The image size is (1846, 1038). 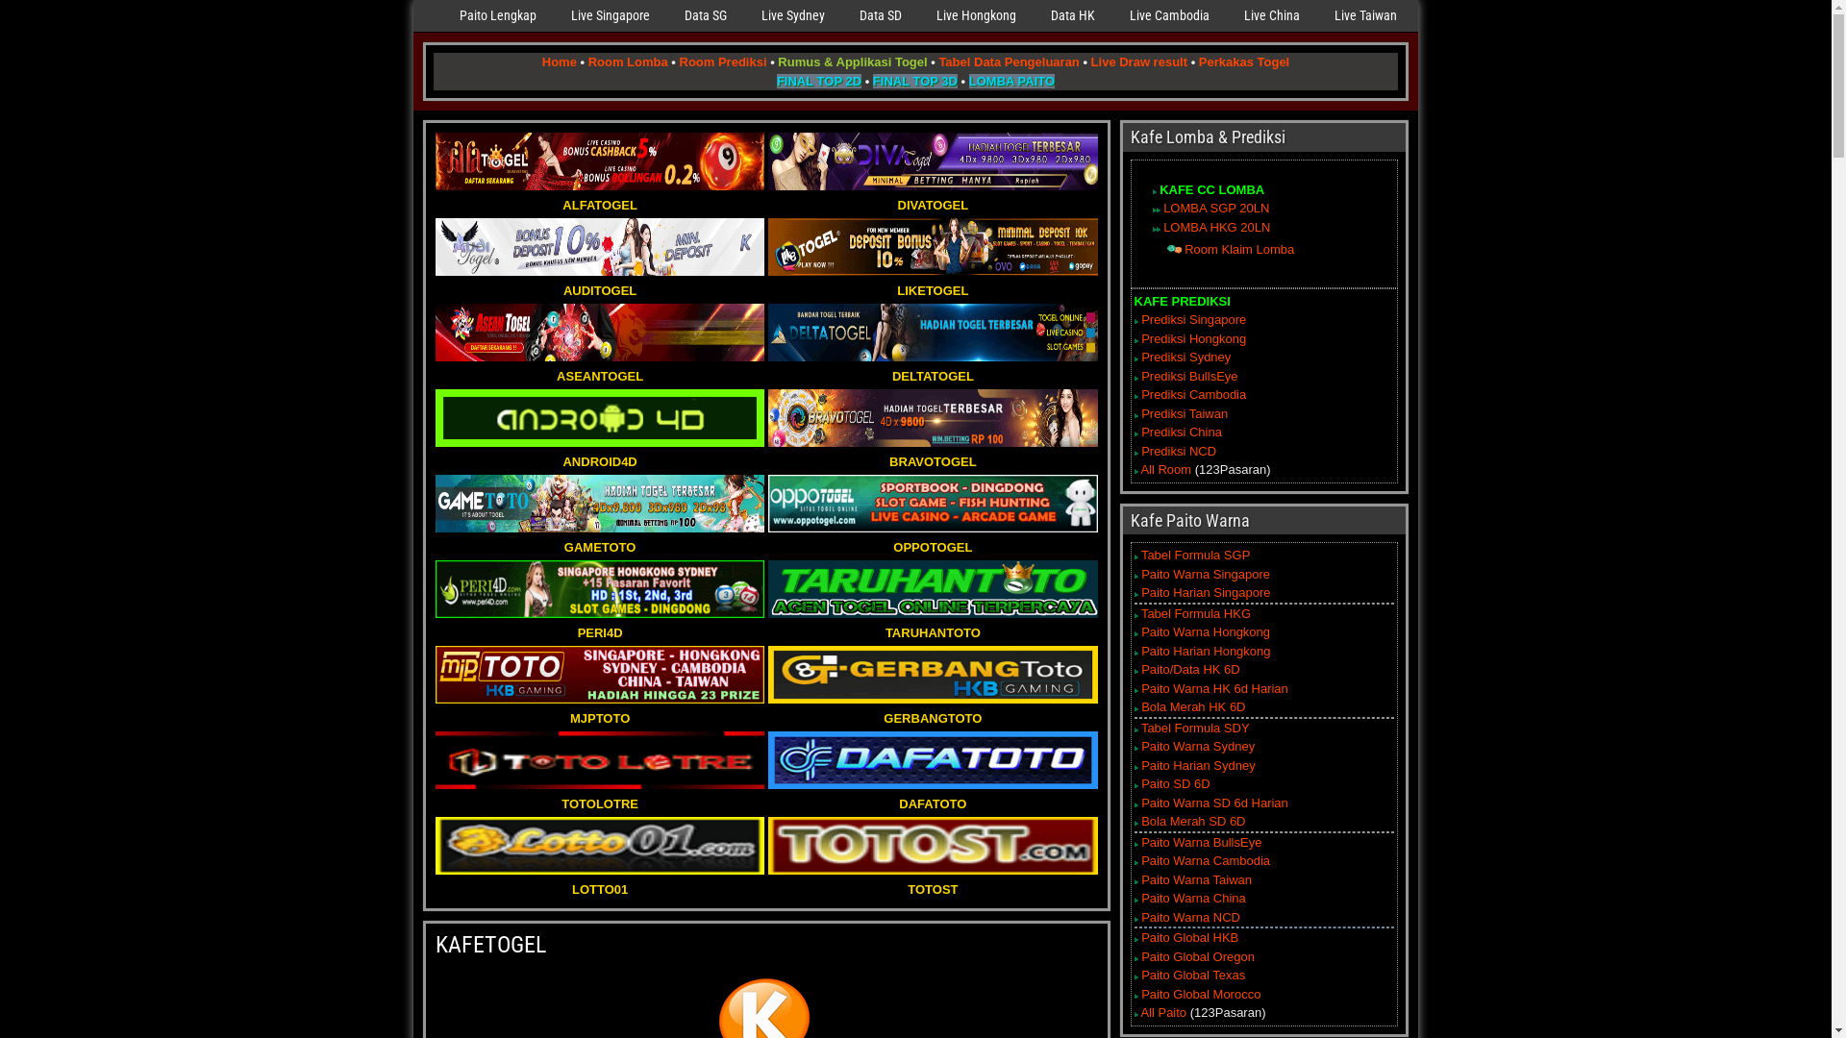 What do you see at coordinates (558, 61) in the screenshot?
I see `'Home'` at bounding box center [558, 61].